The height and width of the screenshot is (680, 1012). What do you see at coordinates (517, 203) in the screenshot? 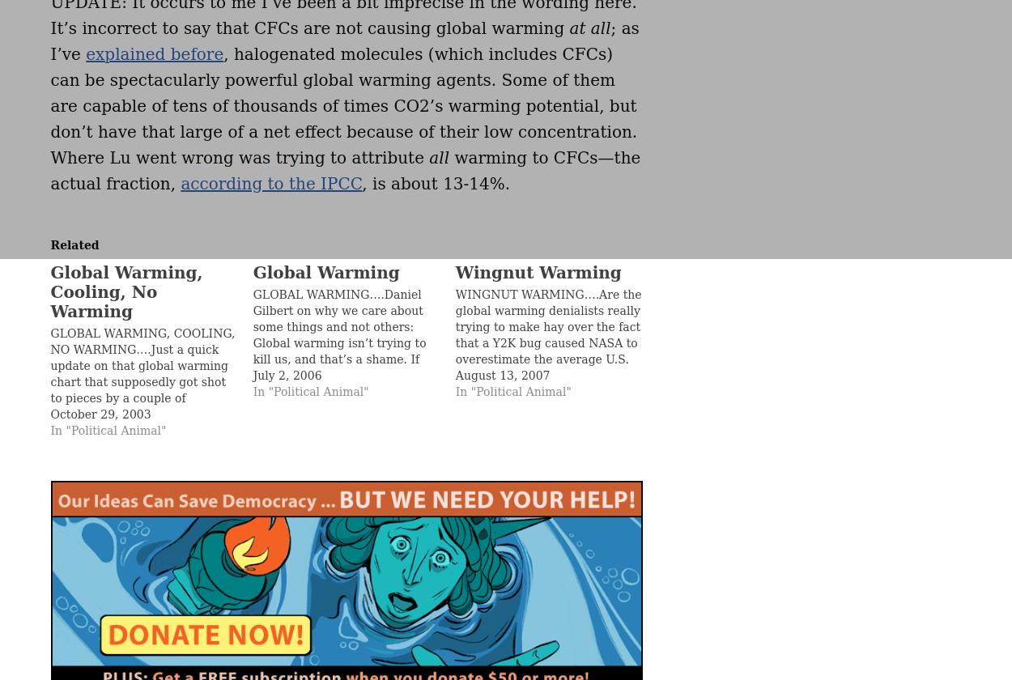
I see `'Search powered by Jetpack'` at bounding box center [517, 203].